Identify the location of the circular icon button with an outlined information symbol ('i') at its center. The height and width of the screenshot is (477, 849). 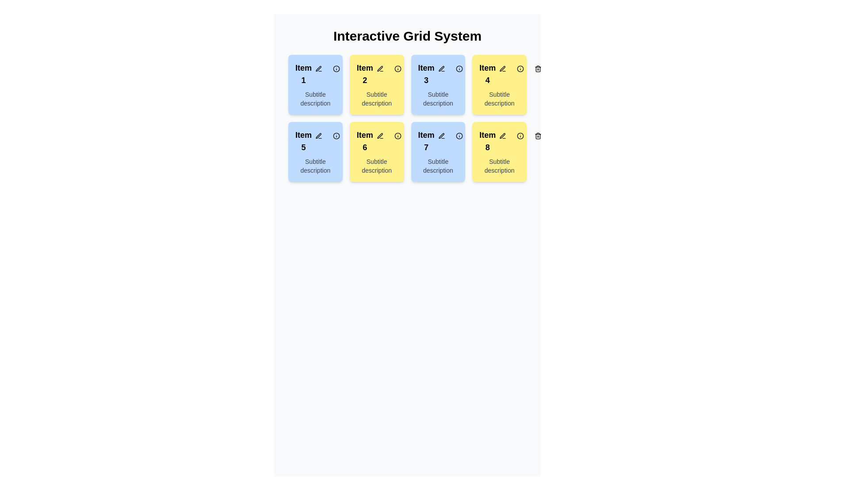
(397, 68).